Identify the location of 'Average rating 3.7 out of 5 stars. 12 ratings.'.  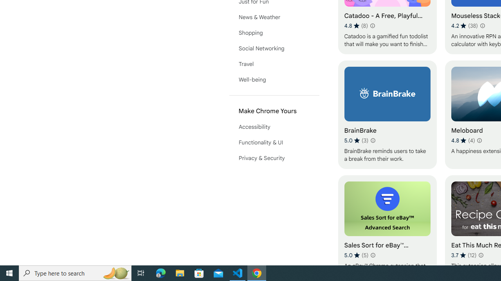
(464, 255).